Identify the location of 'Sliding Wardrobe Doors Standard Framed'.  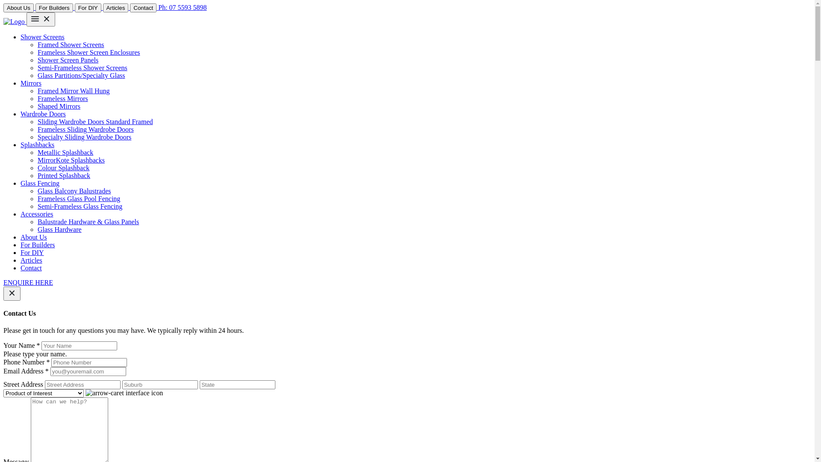
(95, 121).